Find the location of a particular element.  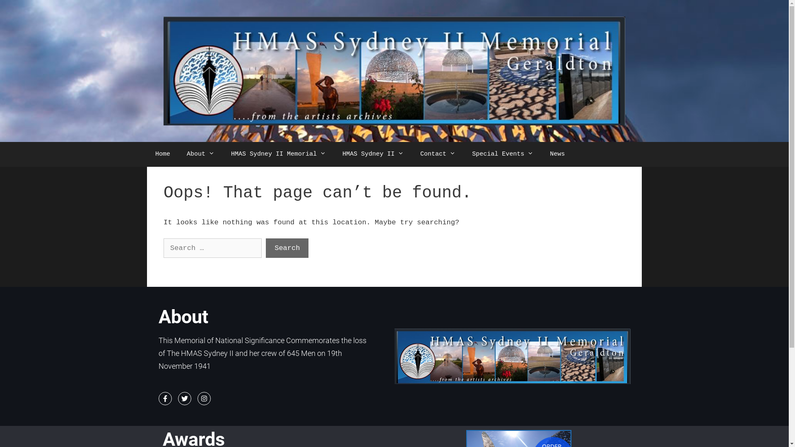

'Search for:' is located at coordinates (163, 248).